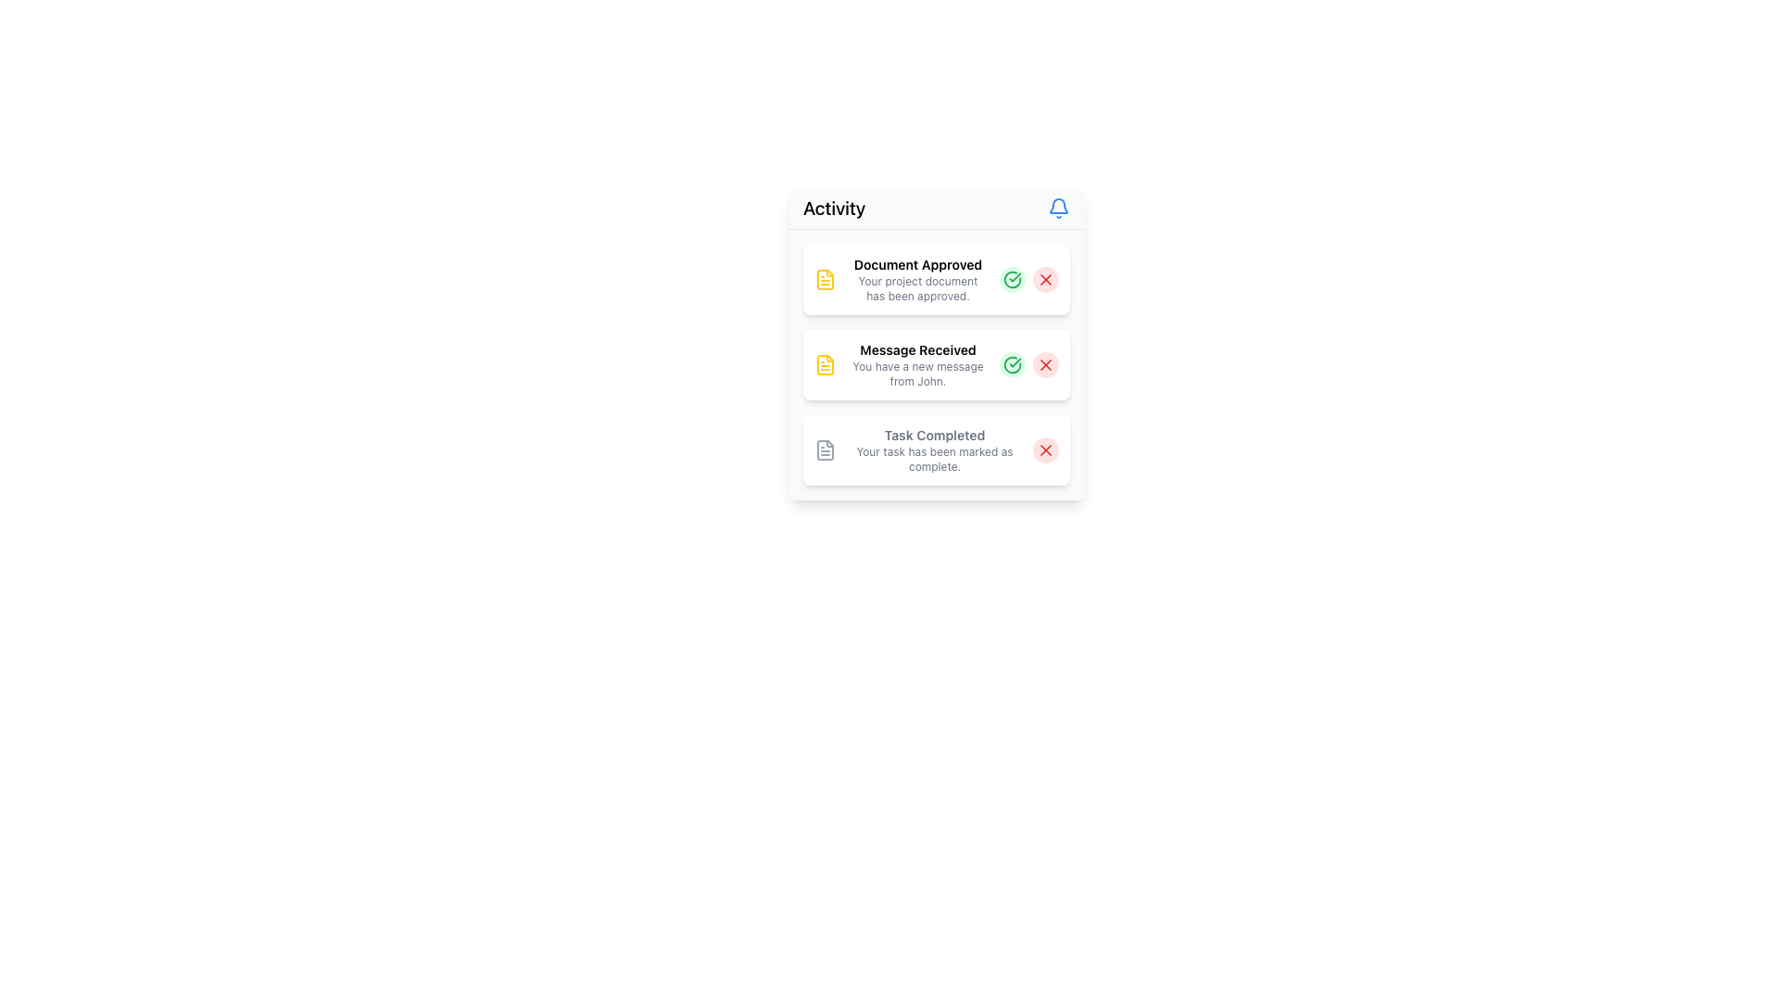  Describe the element at coordinates (825, 279) in the screenshot. I see `the document approval icon located to the left of the 'Document Approved' text in the first notification of the 'Activity' notification card` at that location.